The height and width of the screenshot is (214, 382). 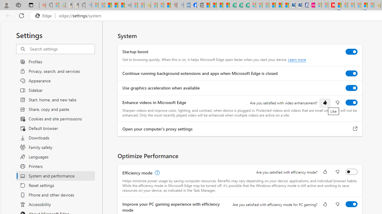 What do you see at coordinates (352, 88) in the screenshot?
I see `'Use graphics acceleration when available'` at bounding box center [352, 88].